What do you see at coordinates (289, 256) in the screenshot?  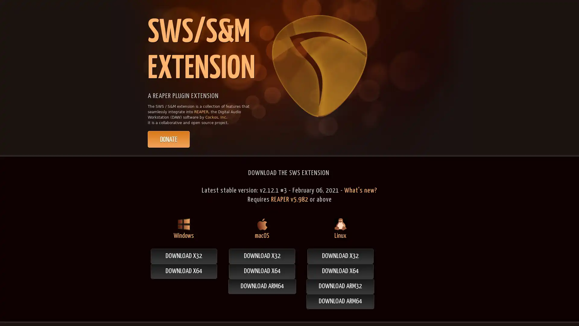 I see `DOWNLOAD X32` at bounding box center [289, 256].